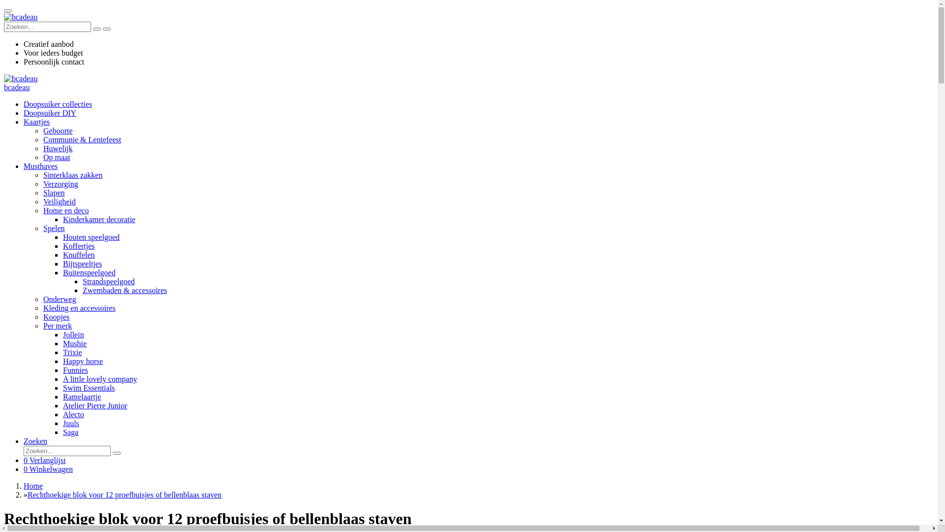 The image size is (945, 532). Describe the element at coordinates (57, 104) in the screenshot. I see `'Doopsuiker collecties'` at that location.